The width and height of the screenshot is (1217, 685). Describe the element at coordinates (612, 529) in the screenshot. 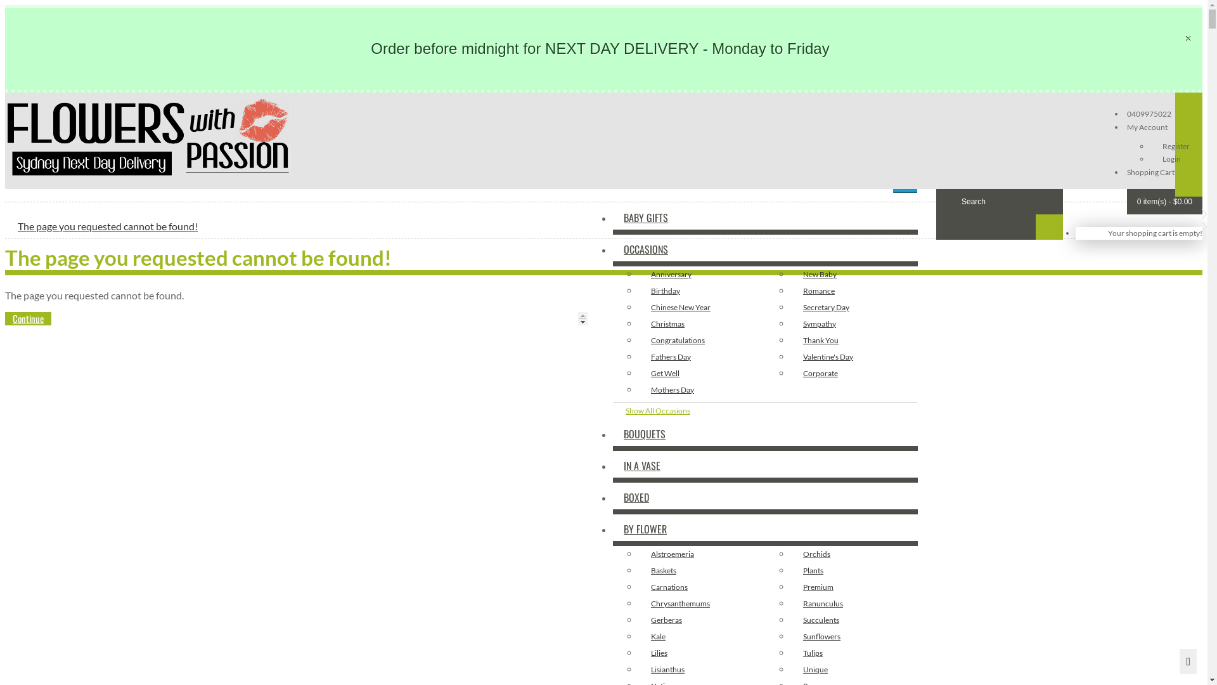

I see `'BY FLOWER'` at that location.